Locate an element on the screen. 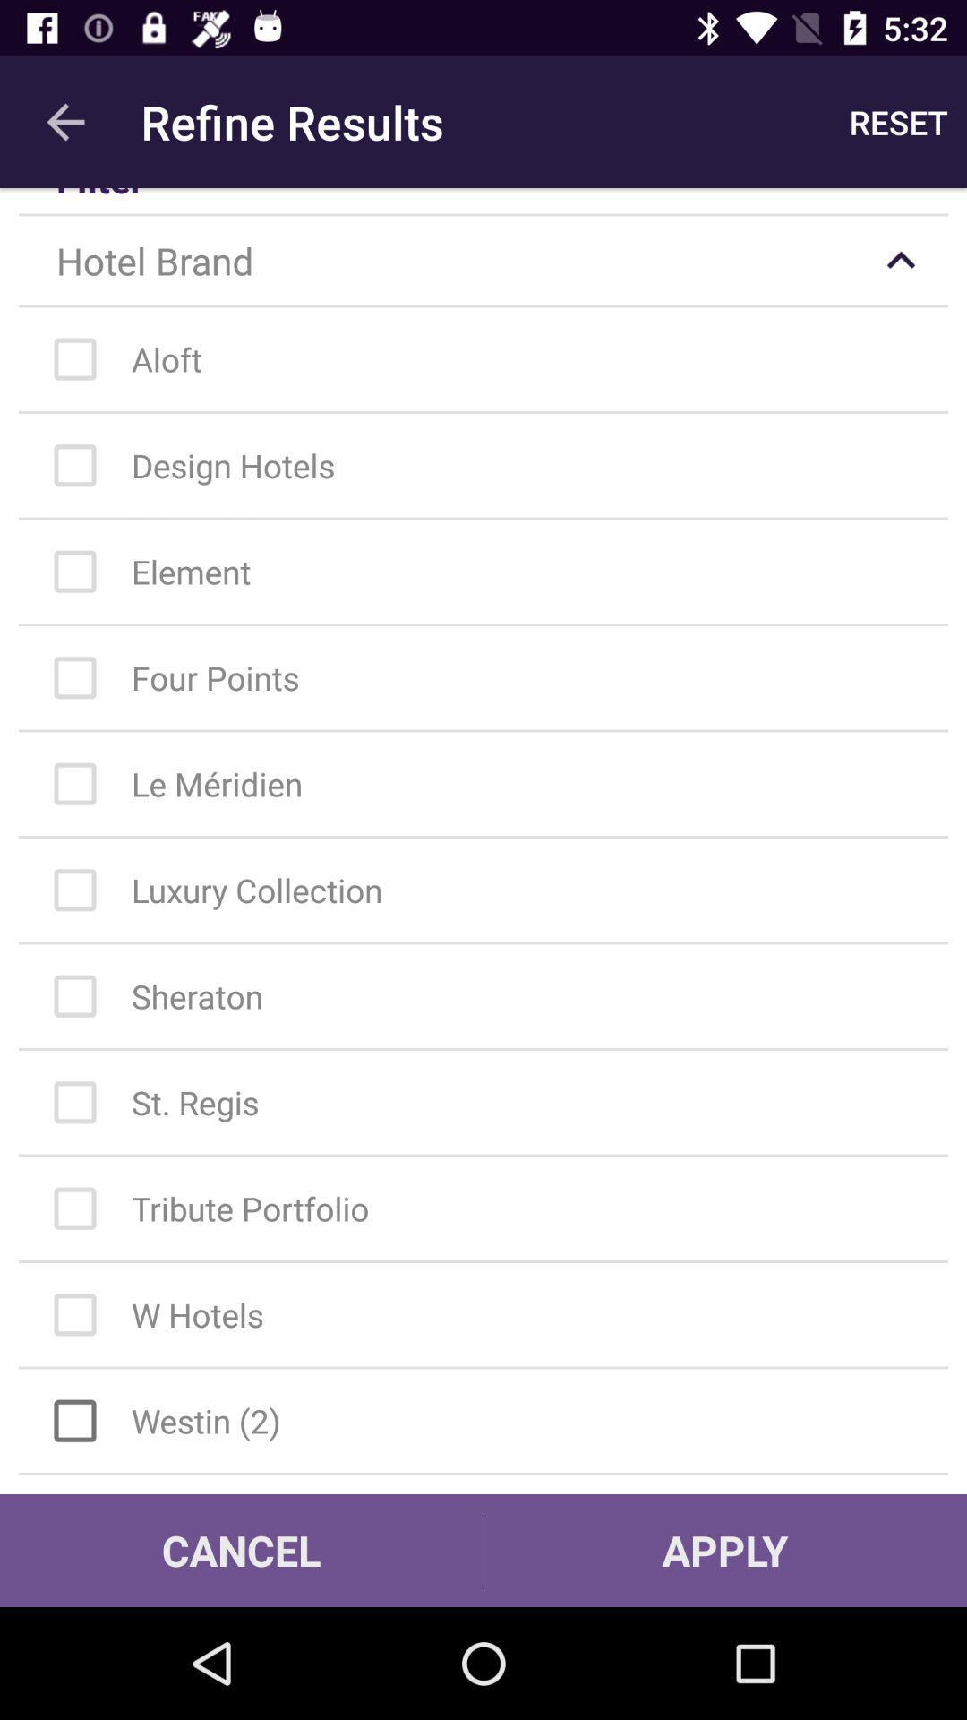 This screenshot has width=967, height=1720. the element along with the empty box is located at coordinates (492, 571).